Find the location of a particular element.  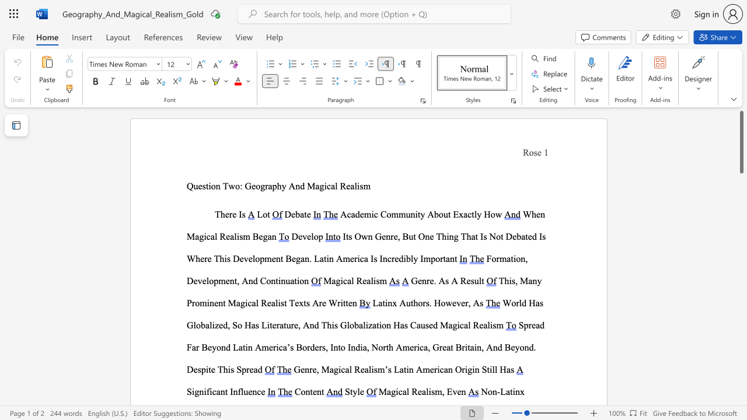

the scrollbar to move the view down is located at coordinates (741, 373).